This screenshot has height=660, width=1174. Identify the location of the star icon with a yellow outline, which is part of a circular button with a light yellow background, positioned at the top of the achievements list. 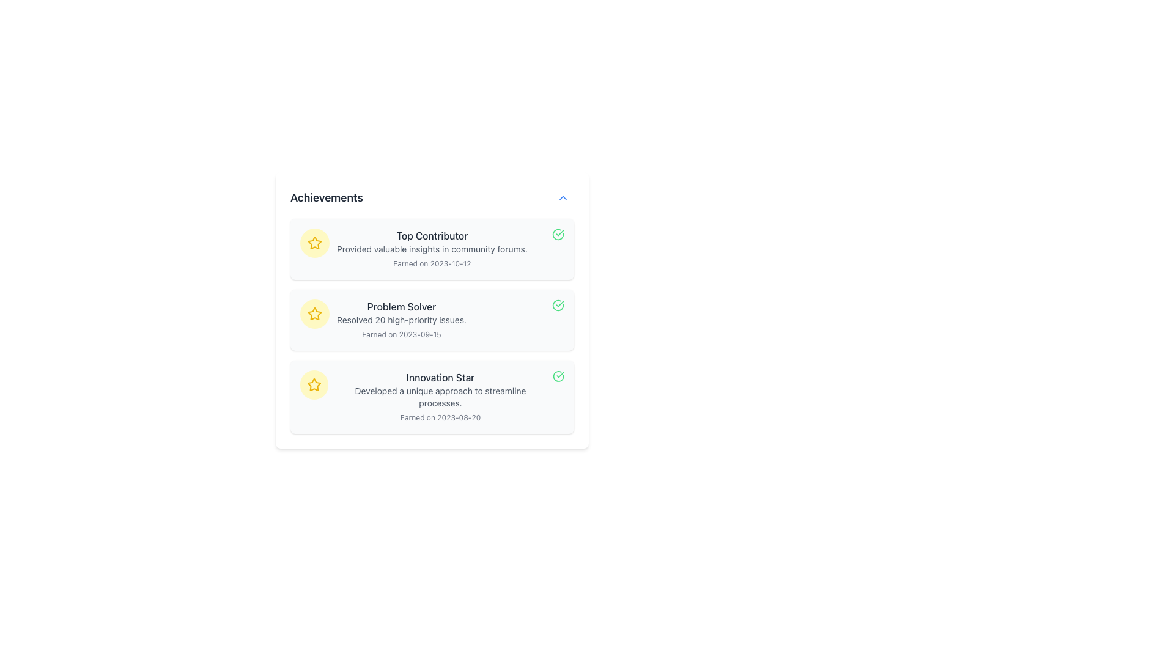
(314, 243).